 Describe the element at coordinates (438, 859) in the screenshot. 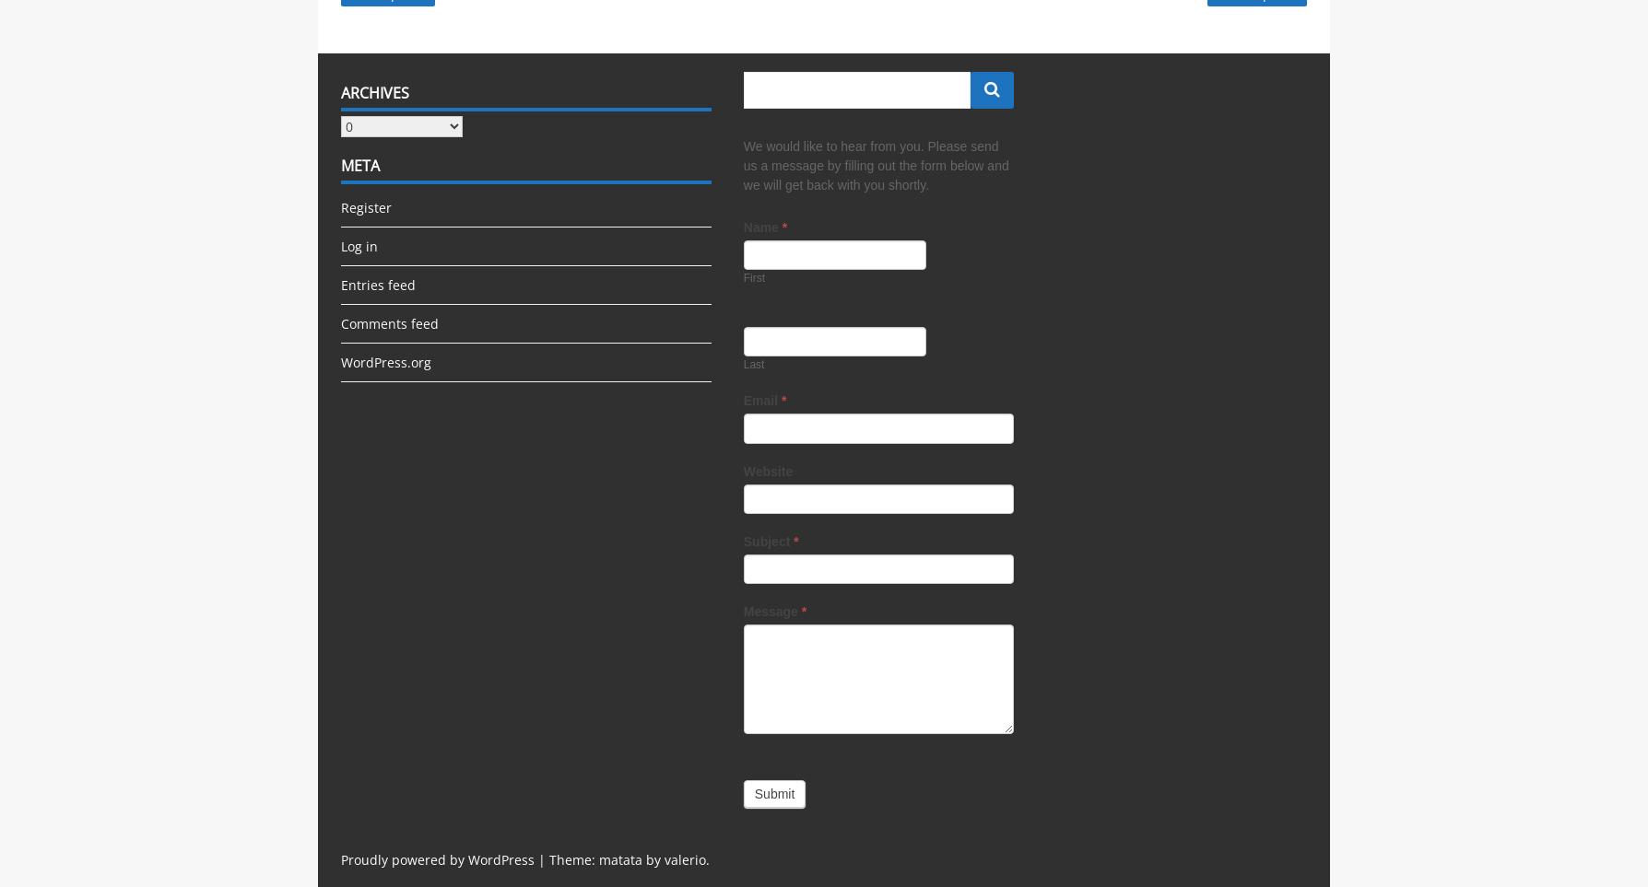

I see `'Proudly powered by WordPress'` at that location.